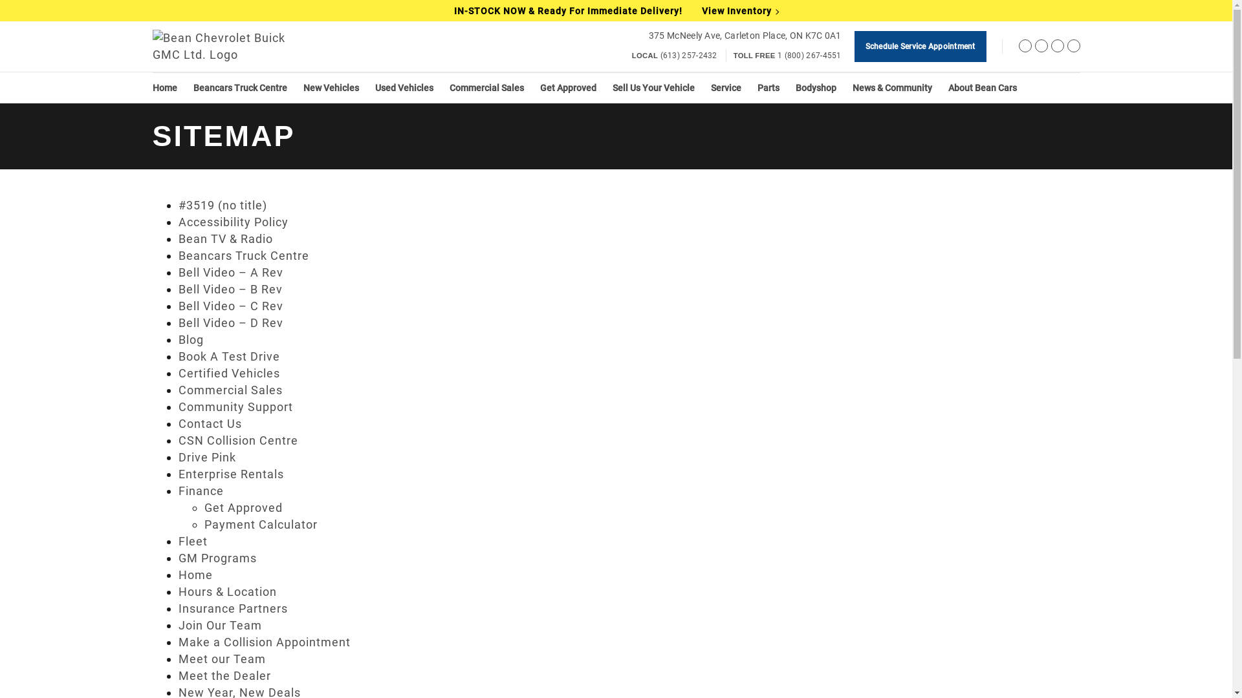 The image size is (1242, 698). What do you see at coordinates (982, 87) in the screenshot?
I see `'About Bean Cars'` at bounding box center [982, 87].